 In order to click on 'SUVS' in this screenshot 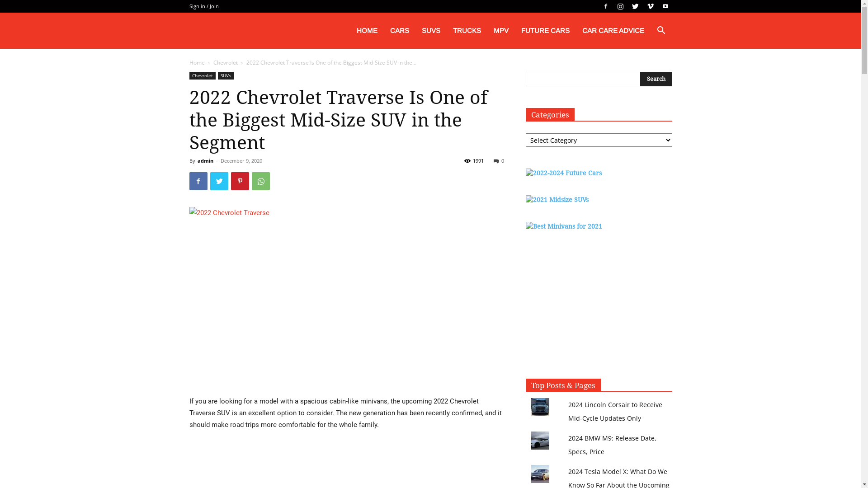, I will do `click(430, 30)`.